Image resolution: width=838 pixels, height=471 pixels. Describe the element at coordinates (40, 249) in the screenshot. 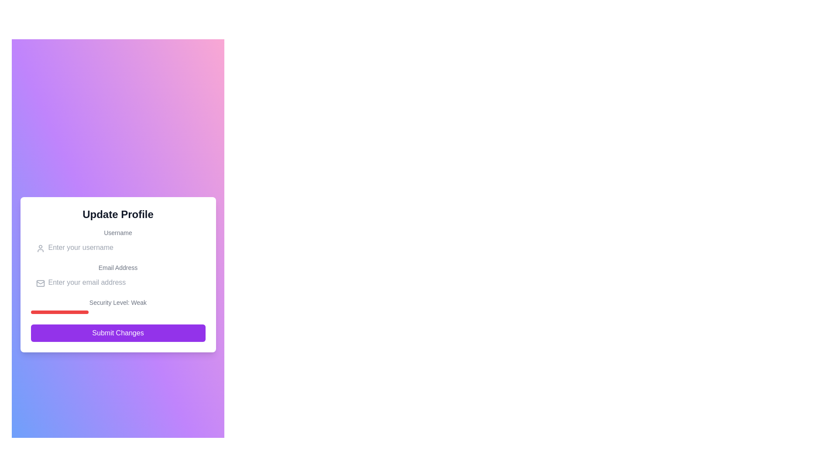

I see `the user icon, which is a circular head shape with a simplified body, rendered as an SVG graphic with a thin gray stroke, located near the top-left corner of the username input field` at that location.